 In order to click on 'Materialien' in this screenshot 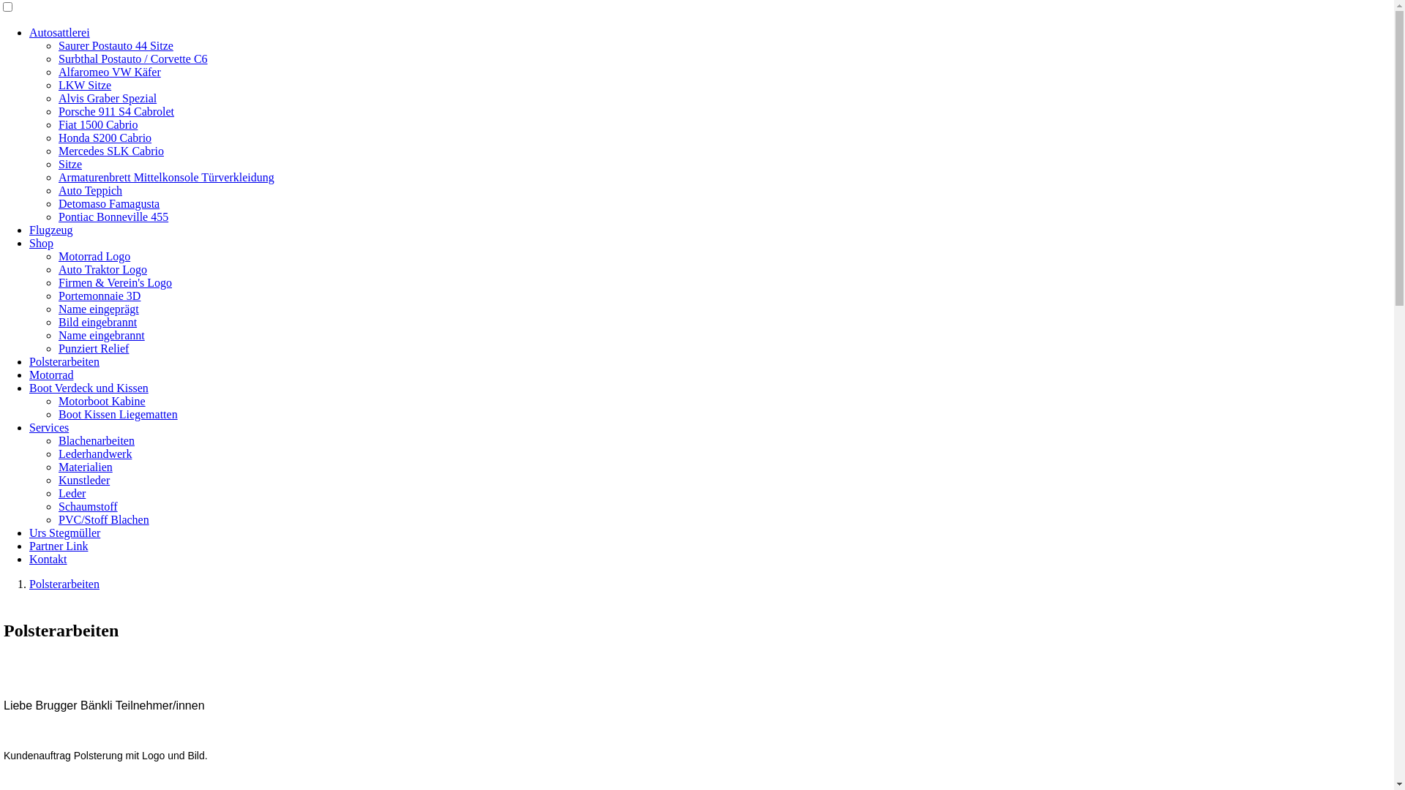, I will do `click(84, 467)`.